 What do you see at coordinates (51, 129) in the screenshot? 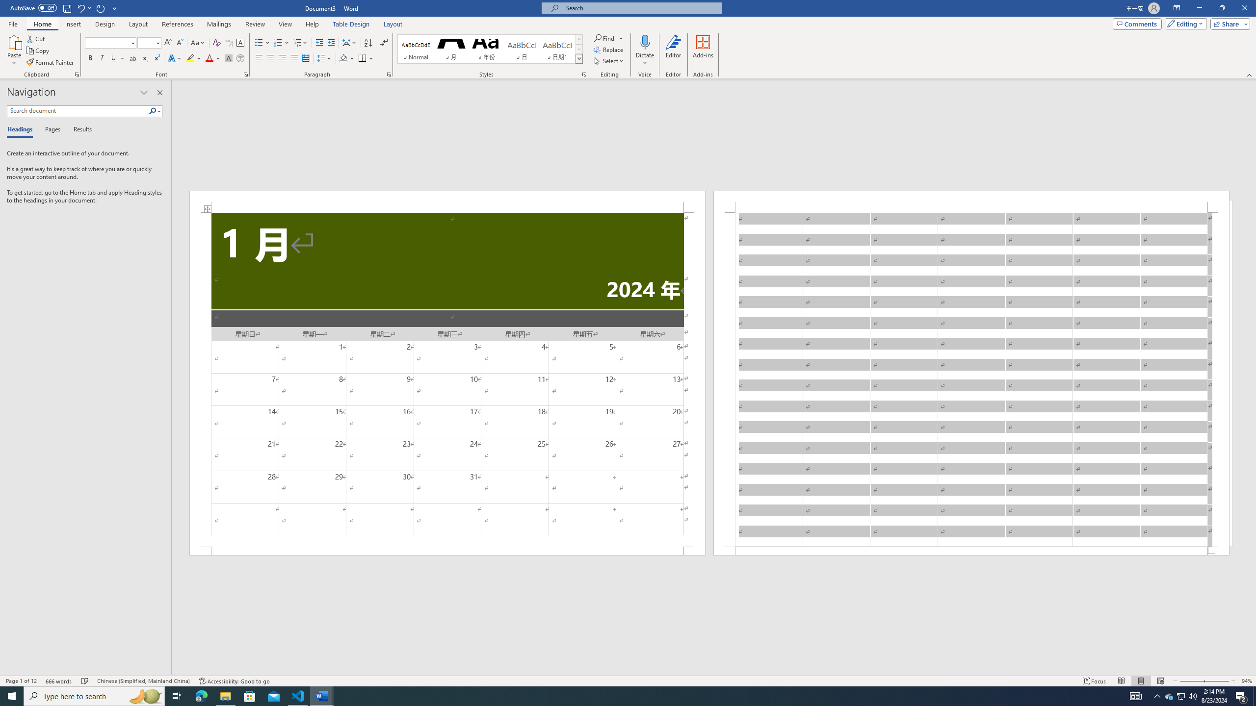
I see `'Pages'` at bounding box center [51, 129].